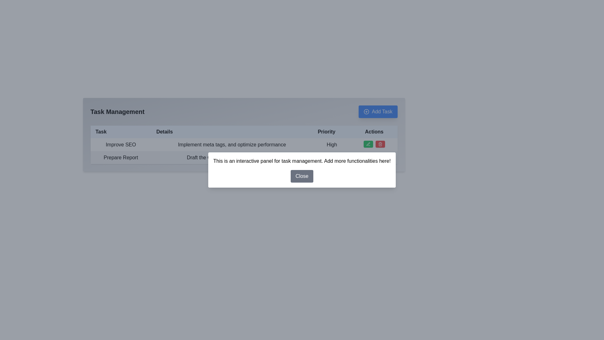 The width and height of the screenshot is (604, 340). Describe the element at coordinates (374, 144) in the screenshot. I see `the red delete button located in the 'Actions' column of the table cell under the row titled 'Improve SEO'` at that location.